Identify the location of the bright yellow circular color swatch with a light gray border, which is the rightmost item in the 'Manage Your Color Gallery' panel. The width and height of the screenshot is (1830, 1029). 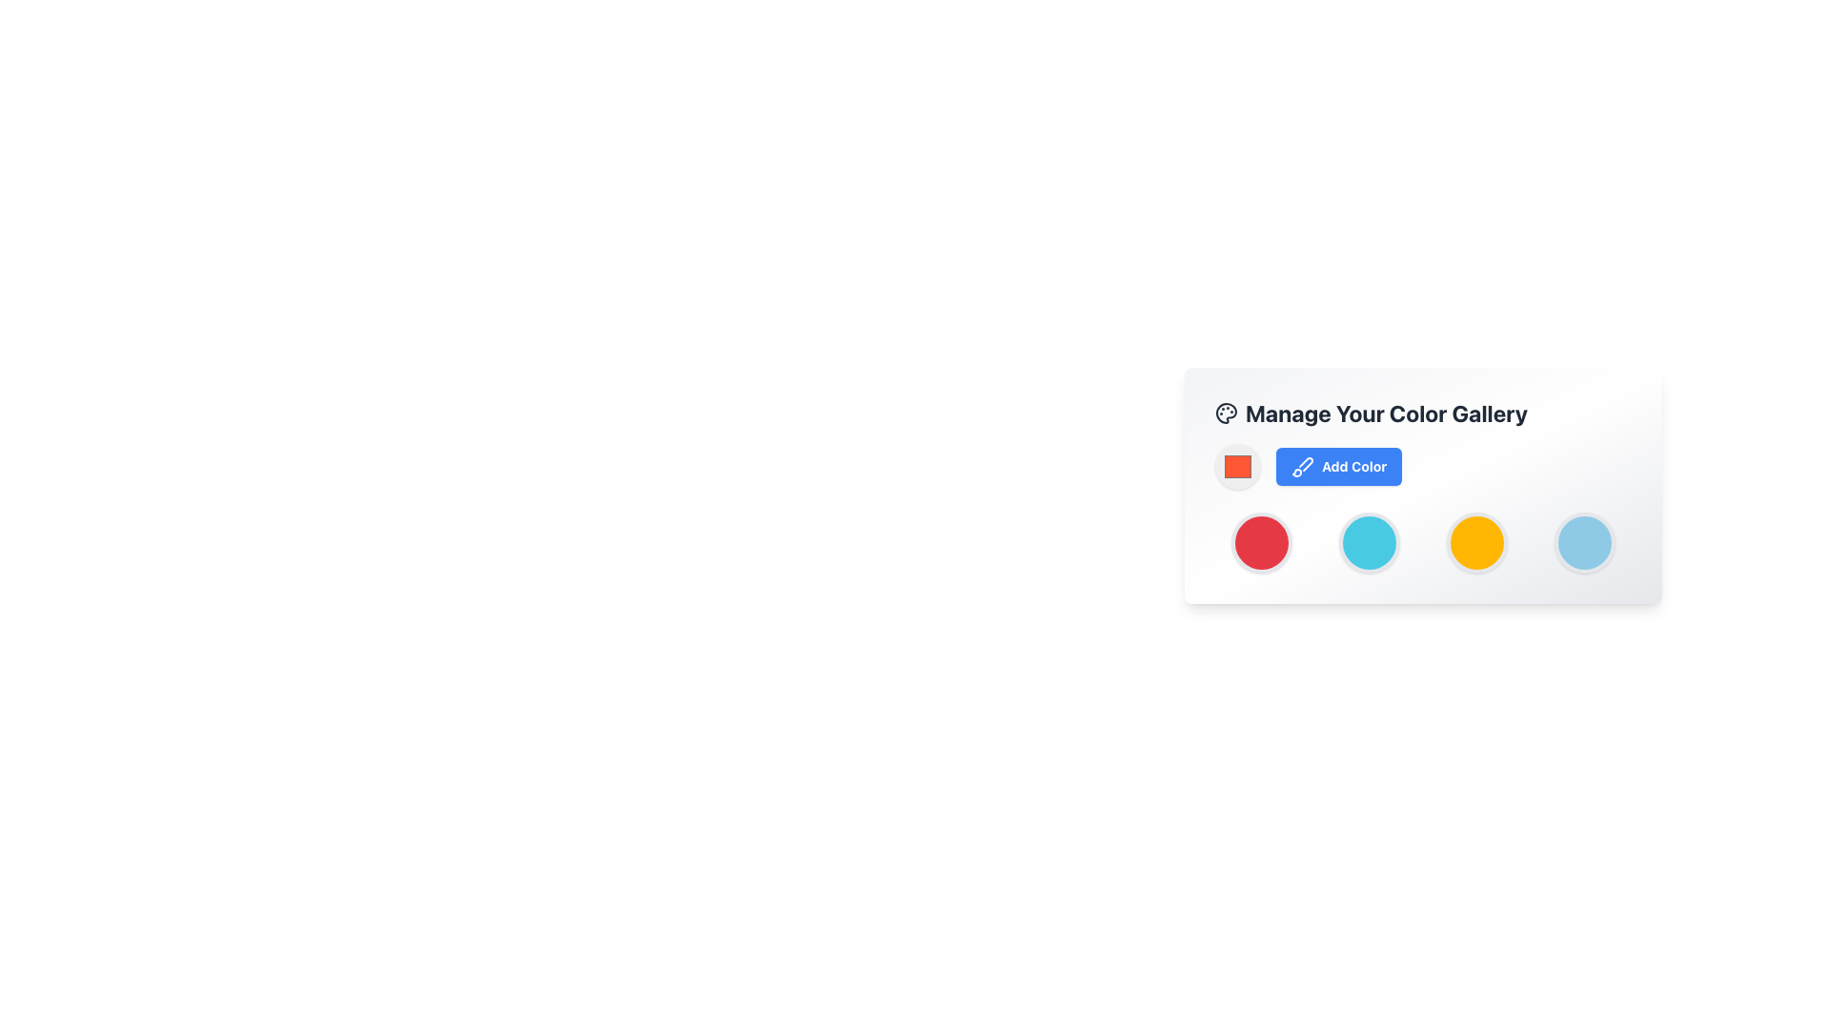
(1476, 543).